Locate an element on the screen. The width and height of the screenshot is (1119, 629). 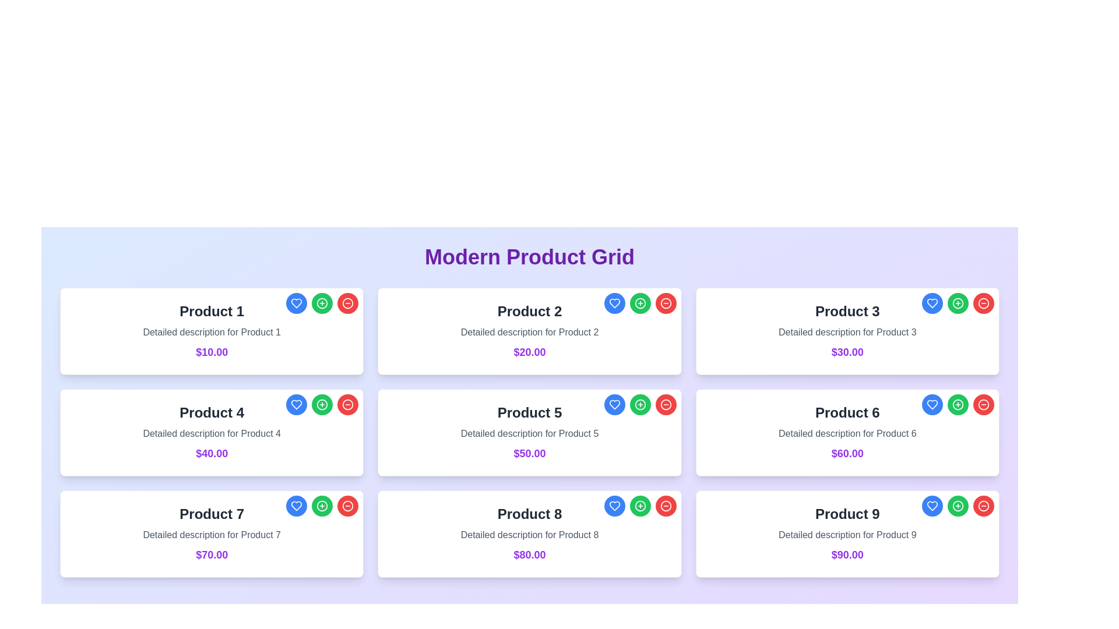
the circular blue button with a heart icon to favorite or unfavorite 'Product 9' is located at coordinates (931, 505).